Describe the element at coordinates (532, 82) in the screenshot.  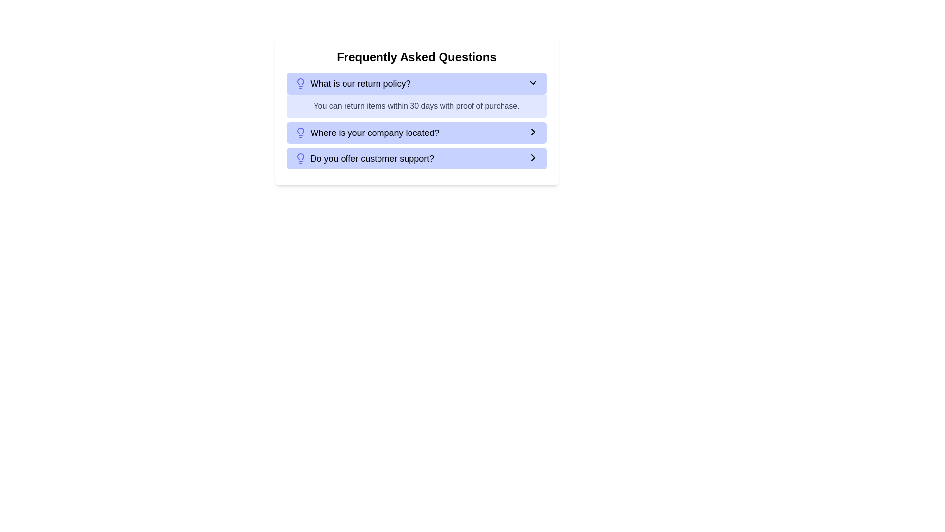
I see `the Chevron dropdown icon located on the far right side of the row containing the text 'What is our return policy?' to interact with the dropdown feature` at that location.